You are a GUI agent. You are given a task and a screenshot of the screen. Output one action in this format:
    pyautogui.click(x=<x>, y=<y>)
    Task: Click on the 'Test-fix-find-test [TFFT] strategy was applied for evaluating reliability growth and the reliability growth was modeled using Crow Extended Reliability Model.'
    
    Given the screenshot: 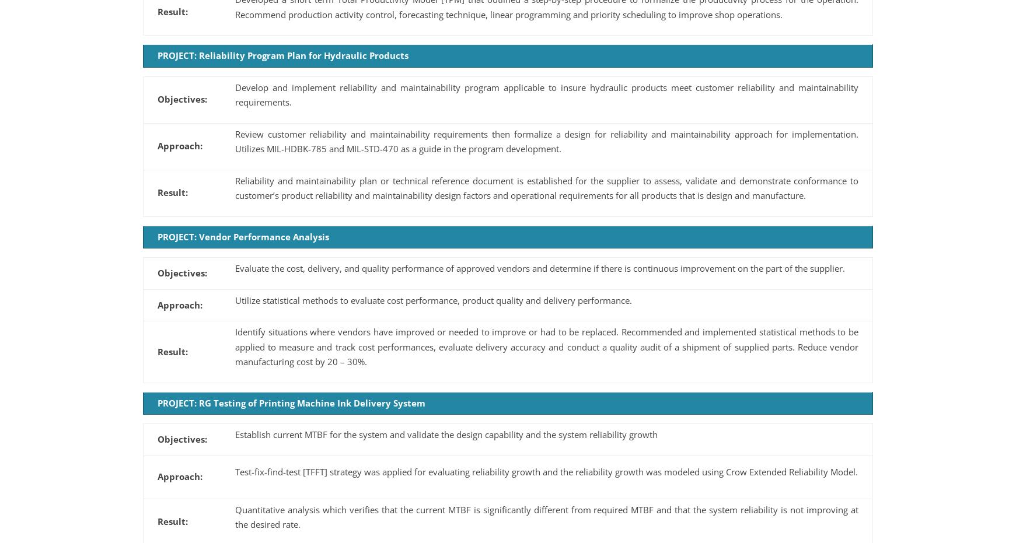 What is the action you would take?
    pyautogui.click(x=546, y=471)
    